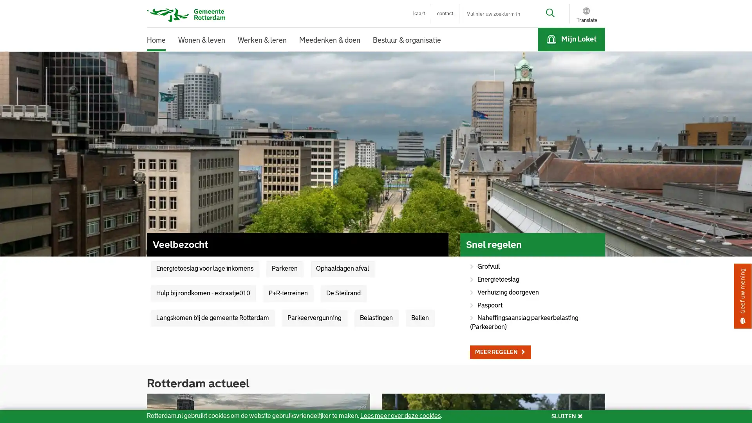 The height and width of the screenshot is (423, 752). I want to click on Sluiten, so click(486, 22).